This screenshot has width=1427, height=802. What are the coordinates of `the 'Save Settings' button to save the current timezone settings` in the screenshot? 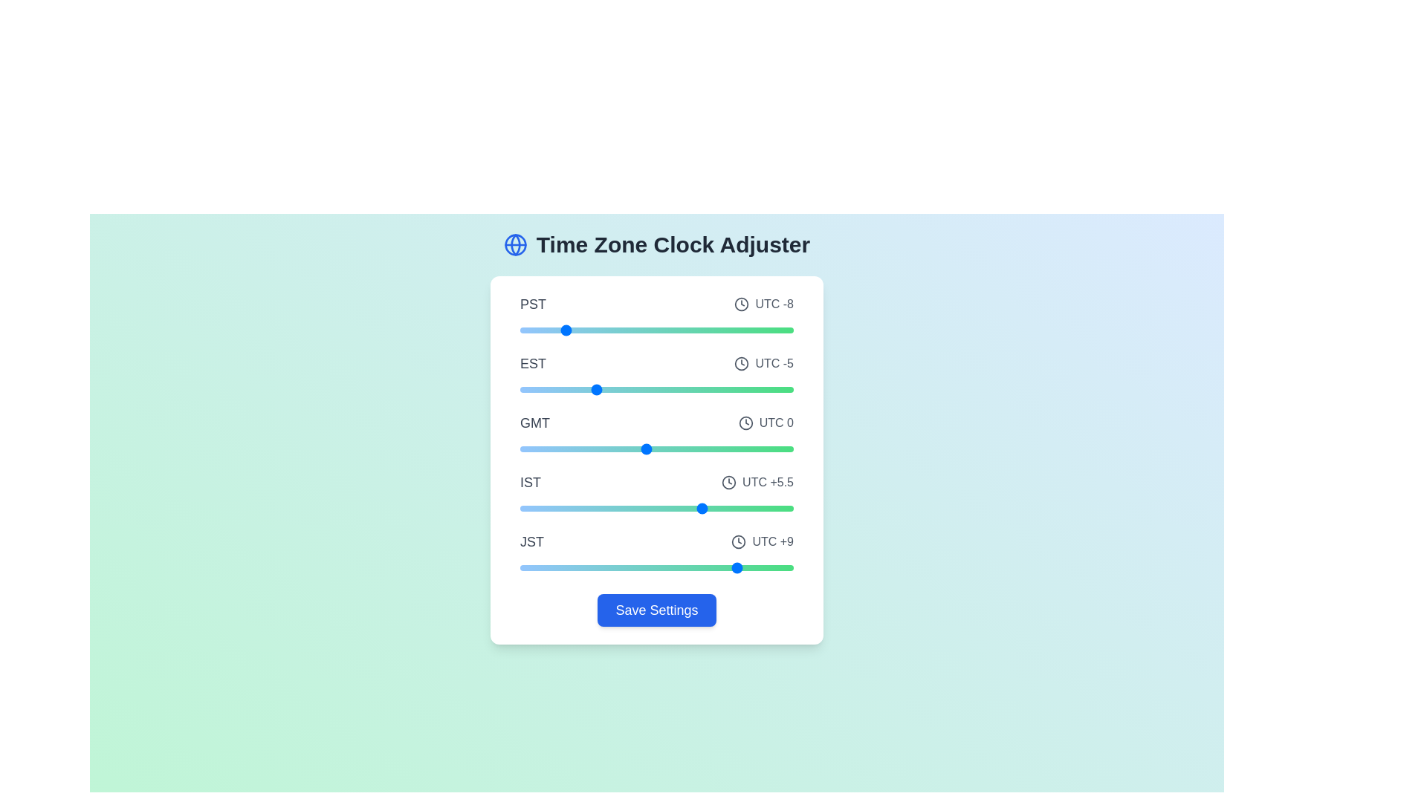 It's located at (656, 610).